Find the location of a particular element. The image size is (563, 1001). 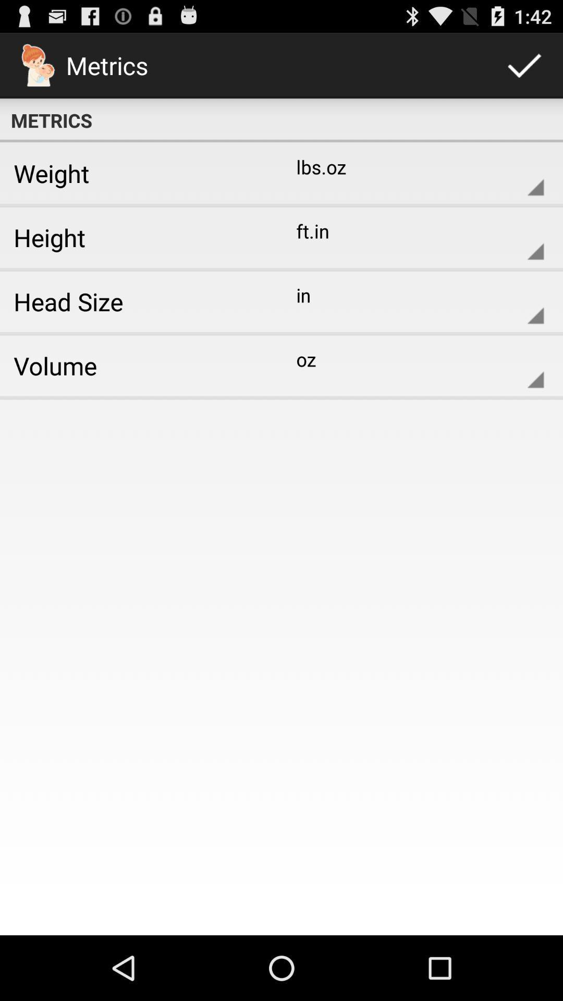

the icon on the left is located at coordinates (137, 365).